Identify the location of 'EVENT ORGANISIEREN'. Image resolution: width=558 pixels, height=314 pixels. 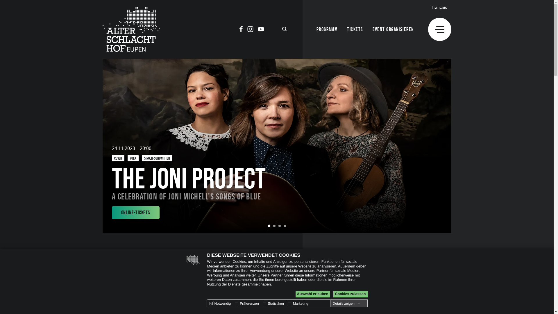
(372, 29).